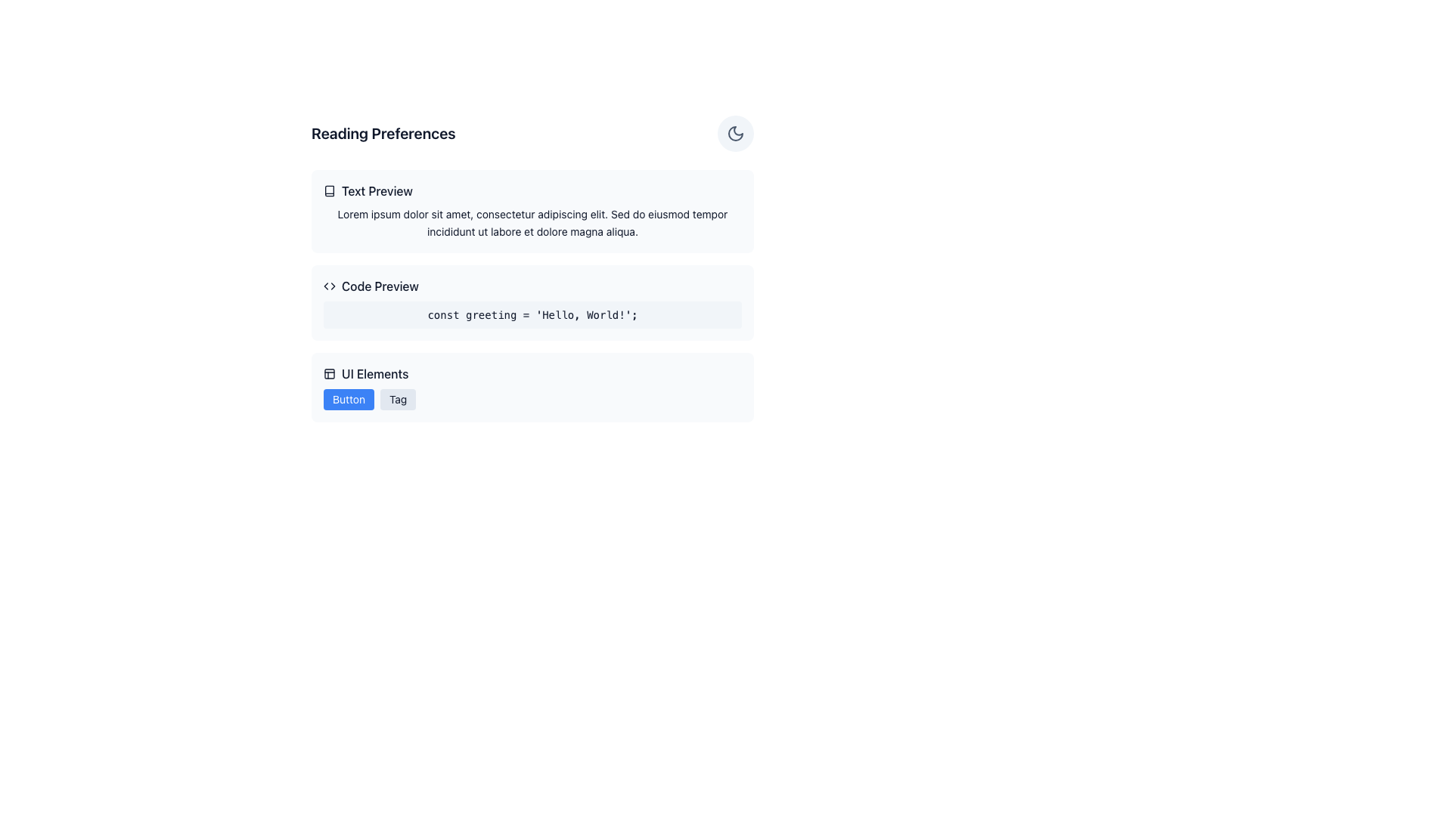  I want to click on the code icon positioned to the left of the 'Code Preview' text, aligned horizontally with it, so click(329, 286).